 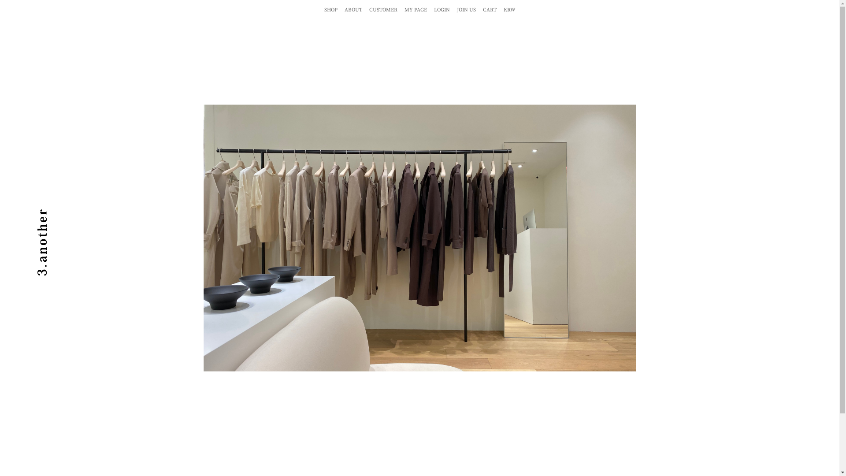 I want to click on 'MY PAGE', so click(x=404, y=10).